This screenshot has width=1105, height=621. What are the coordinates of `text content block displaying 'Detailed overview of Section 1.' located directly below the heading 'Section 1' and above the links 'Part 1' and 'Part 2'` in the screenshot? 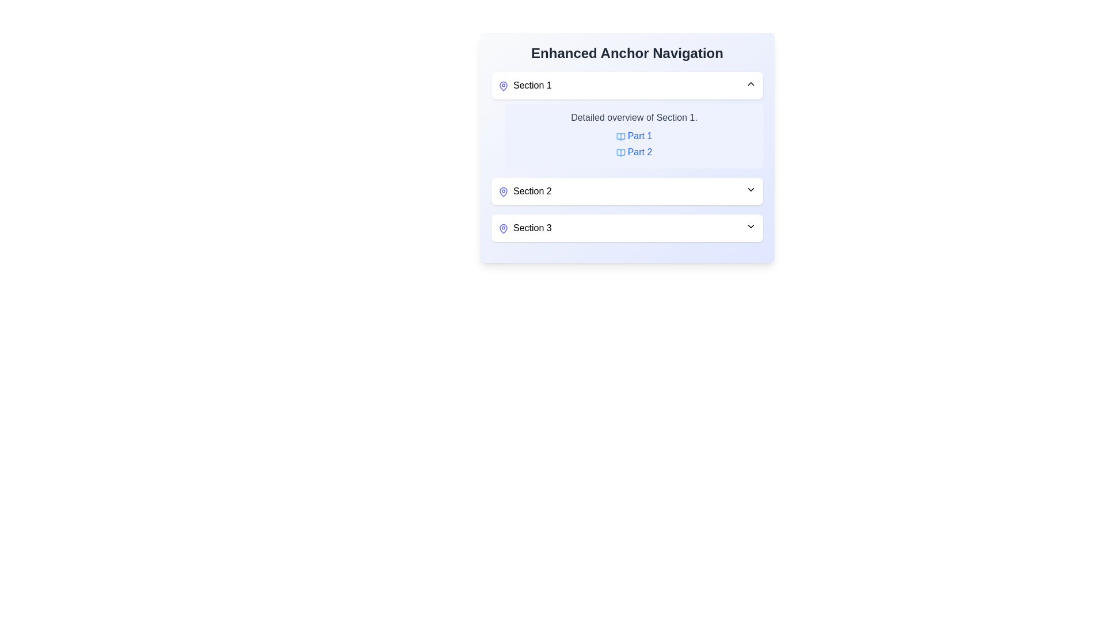 It's located at (634, 117).